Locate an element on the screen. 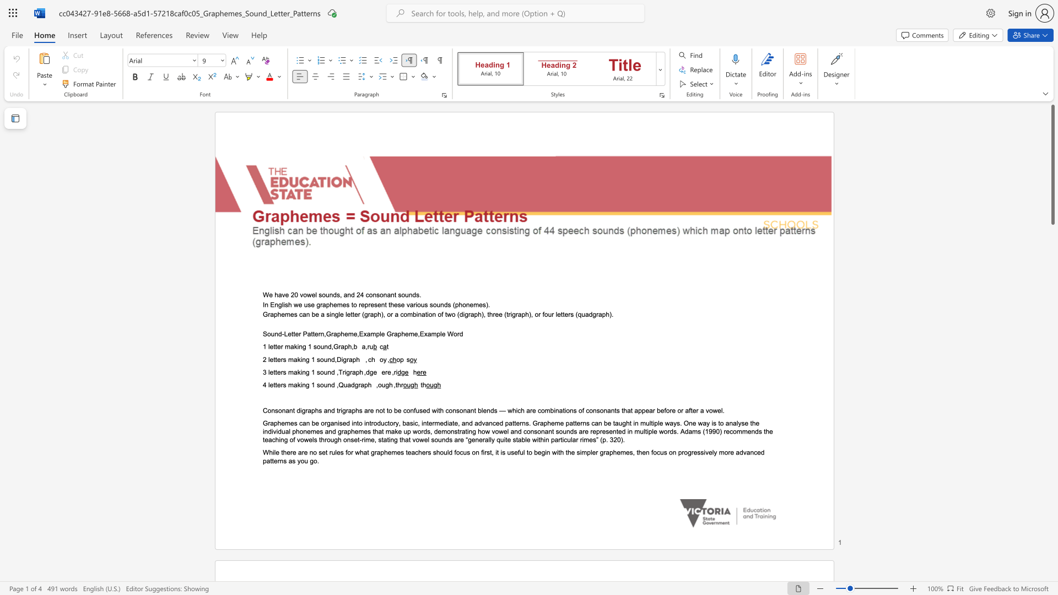  the page's right scrollbar for downward movement is located at coordinates (1052, 495).